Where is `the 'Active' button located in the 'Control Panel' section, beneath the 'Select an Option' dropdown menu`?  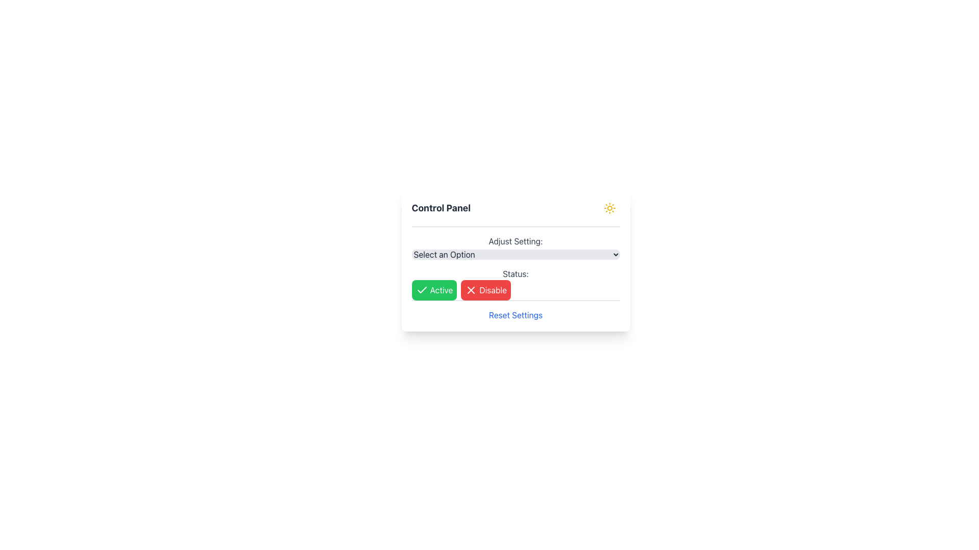 the 'Active' button located in the 'Control Panel' section, beneath the 'Select an Option' dropdown menu is located at coordinates (434, 290).